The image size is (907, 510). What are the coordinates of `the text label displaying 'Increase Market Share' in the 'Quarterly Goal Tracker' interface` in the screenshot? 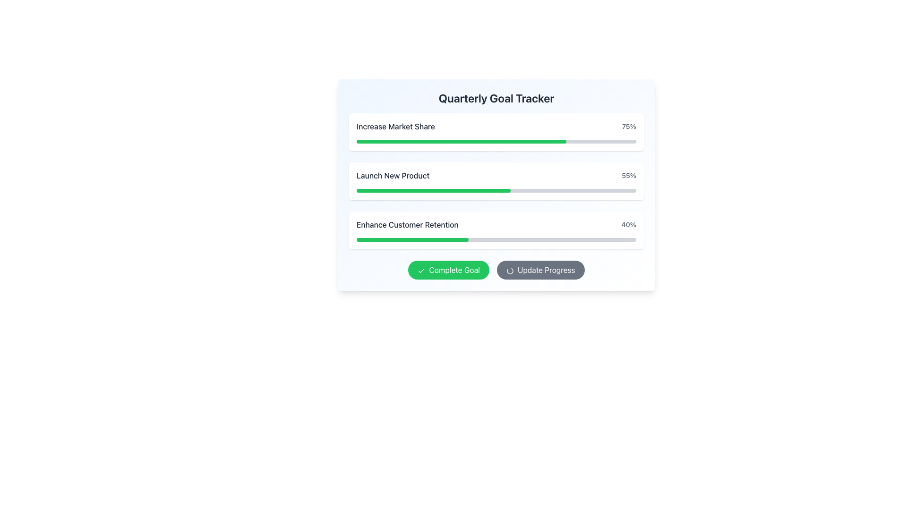 It's located at (395, 126).